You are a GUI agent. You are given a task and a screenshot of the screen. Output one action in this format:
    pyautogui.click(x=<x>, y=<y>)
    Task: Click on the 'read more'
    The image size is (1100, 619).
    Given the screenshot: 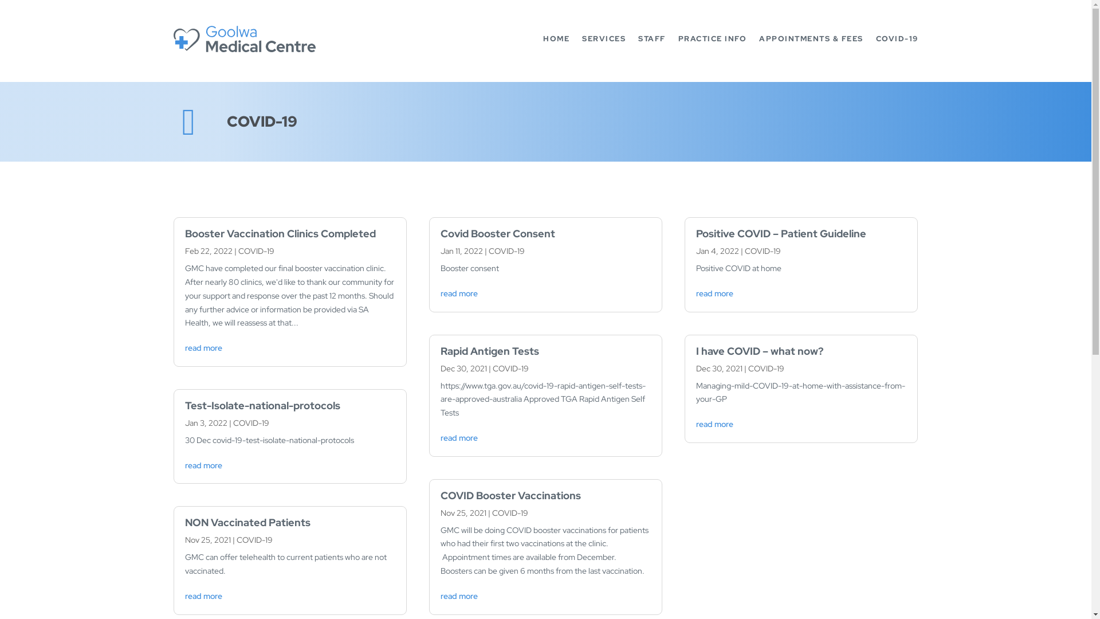 What is the action you would take?
    pyautogui.click(x=203, y=596)
    